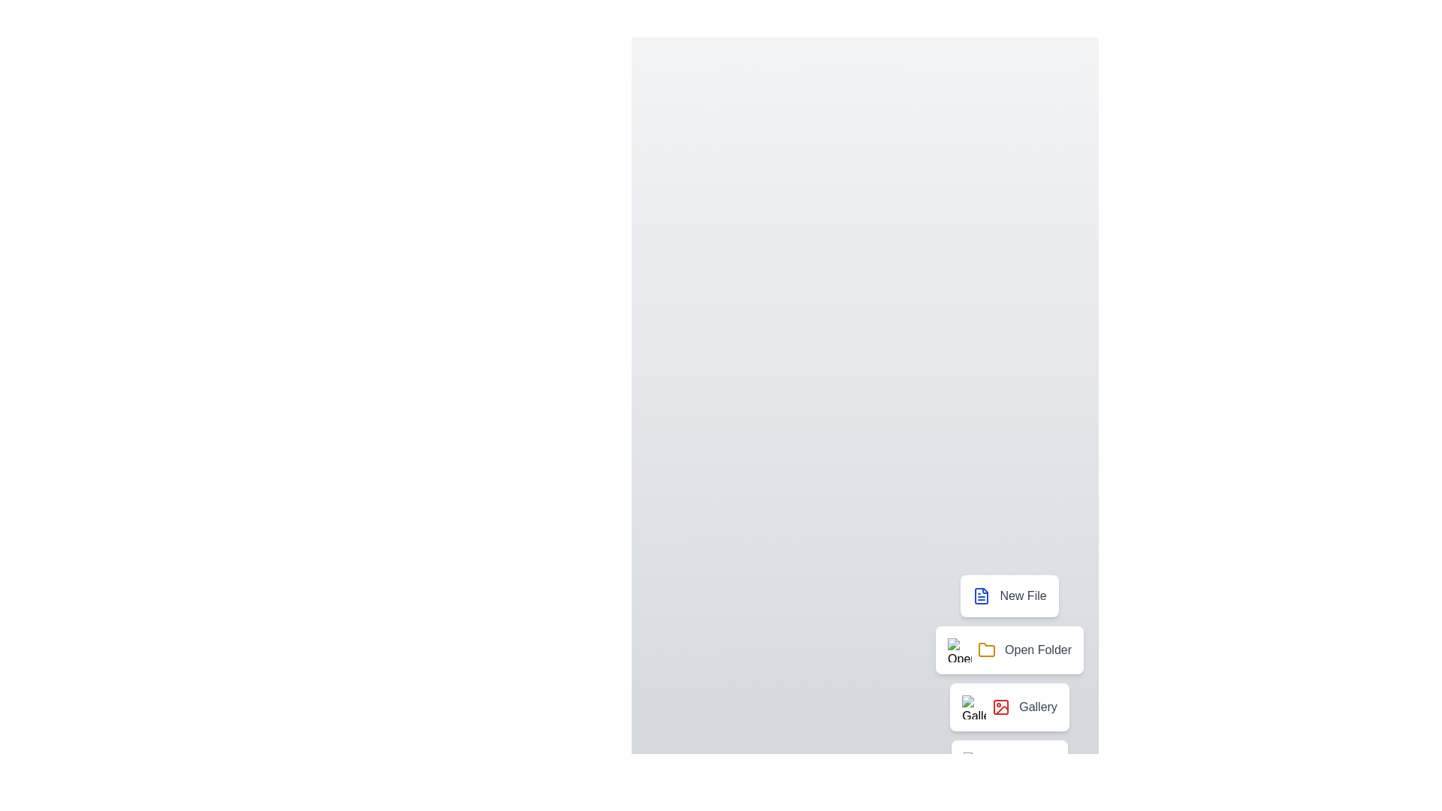 The height and width of the screenshot is (811, 1442). I want to click on the action item New File from the speed dial menu, so click(1009, 595).